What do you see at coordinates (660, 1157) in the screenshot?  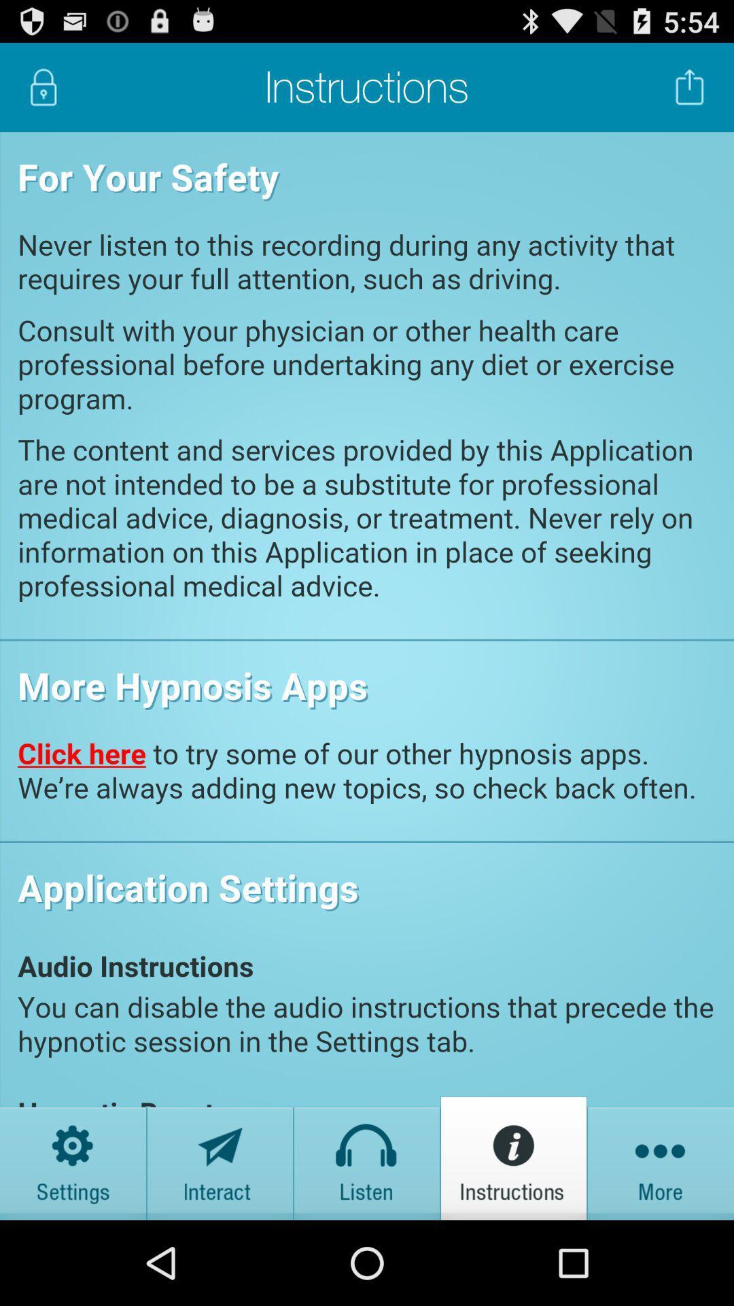 I see `next screen` at bounding box center [660, 1157].